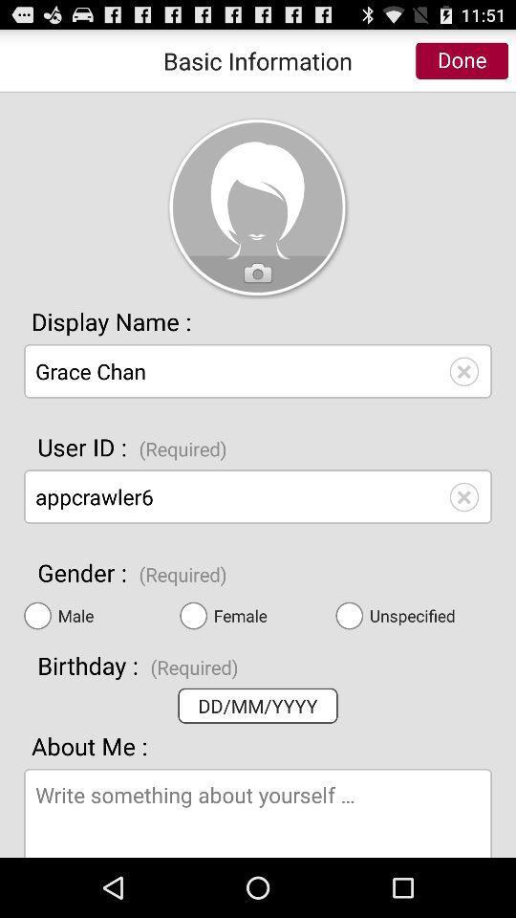 This screenshot has height=918, width=516. What do you see at coordinates (463, 532) in the screenshot?
I see `the close icon` at bounding box center [463, 532].